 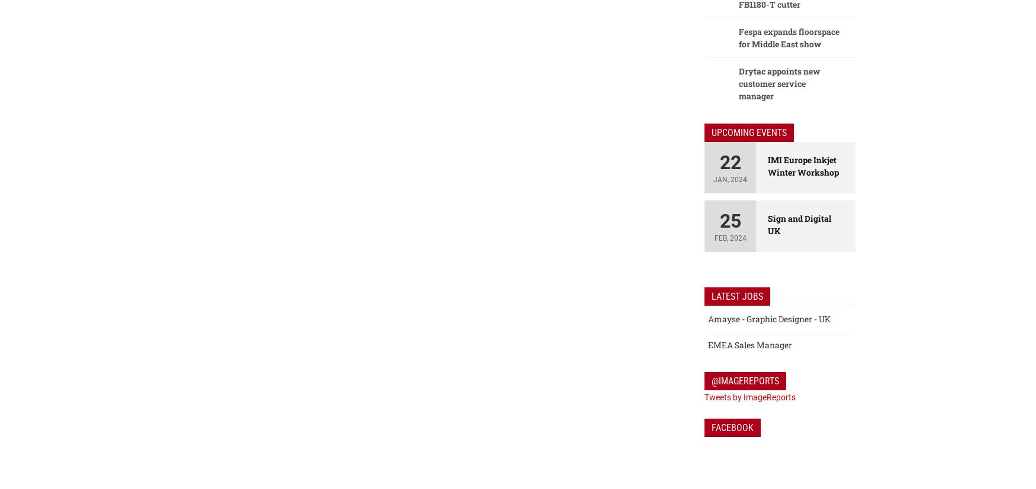 I want to click on 'Fespa expands floorspace for Middle East show', so click(x=789, y=38).